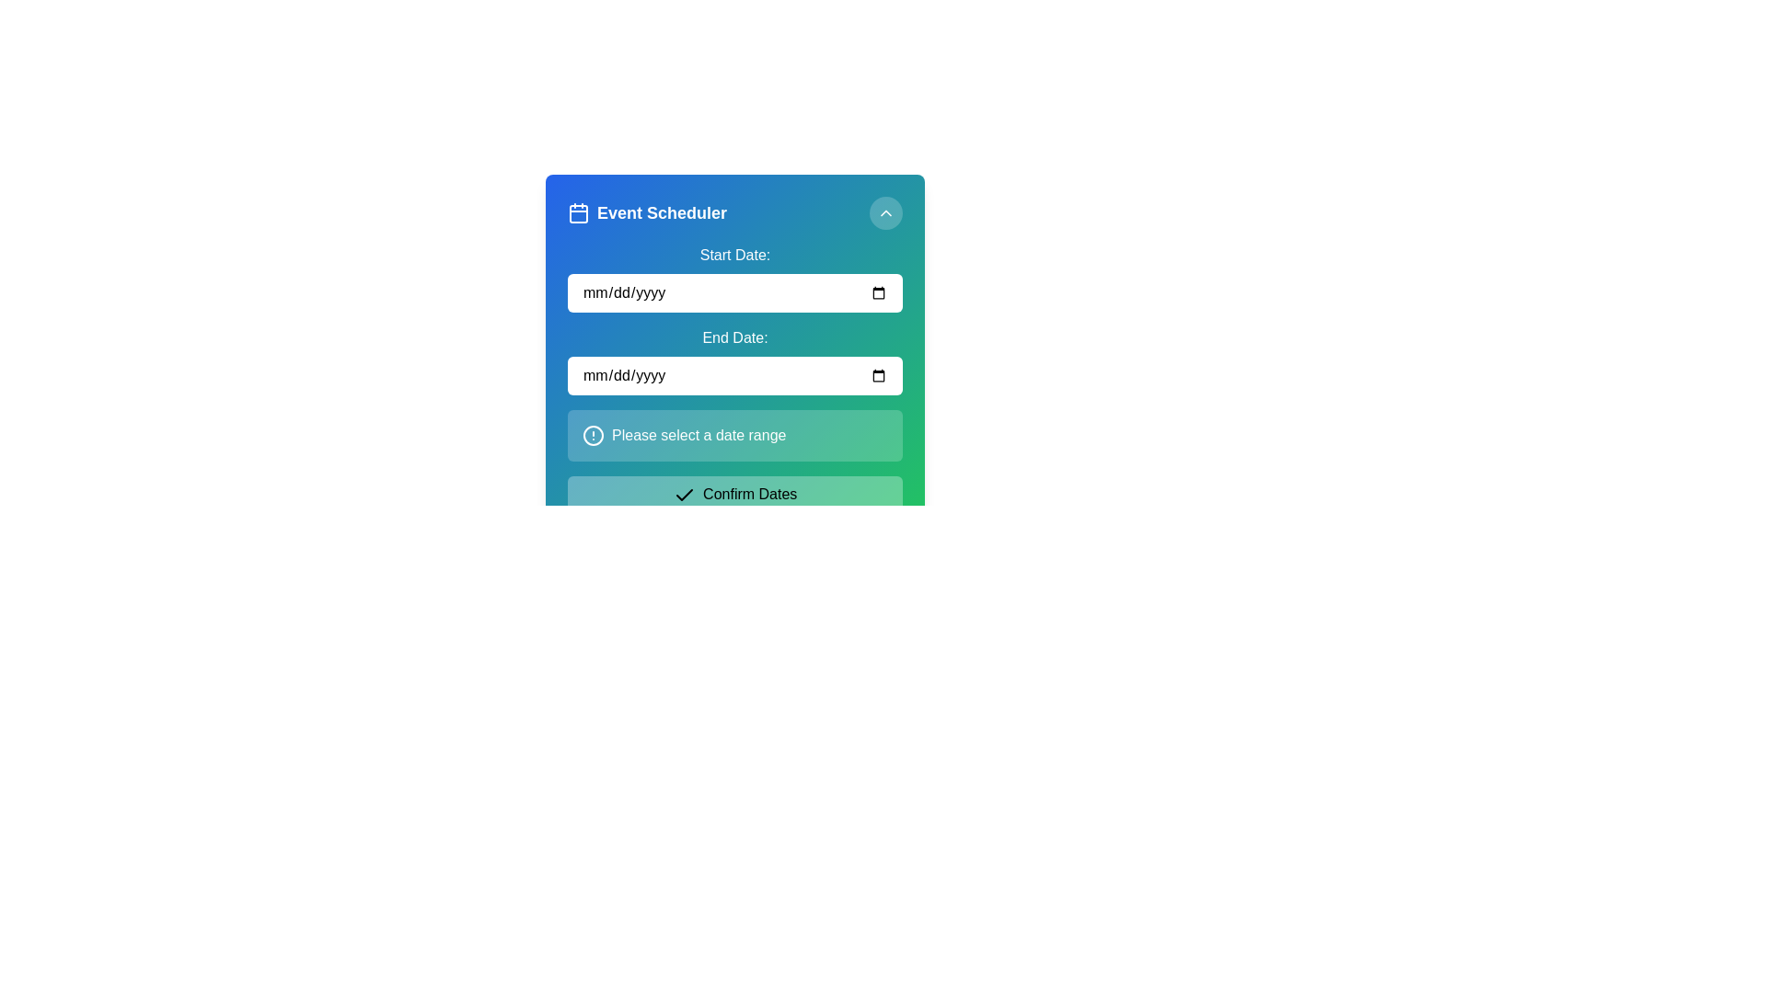 Image resolution: width=1767 pixels, height=993 pixels. I want to click on the calendar icon located at the top-left corner of the 'Event Scheduler' header, which visually indicates the scheduling function, so click(577, 211).